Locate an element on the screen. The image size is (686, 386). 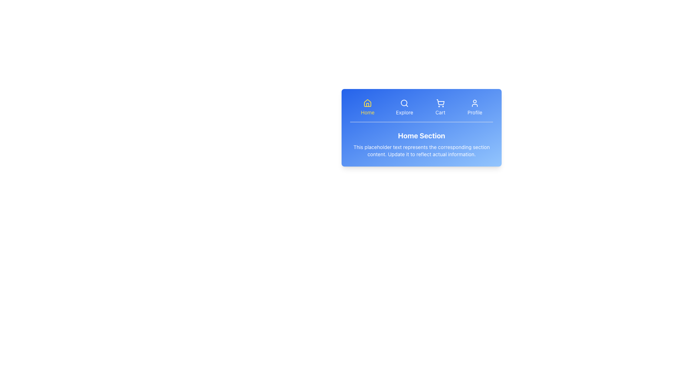
the 'Cart' button which is the third element from the left in the top section of the interface, adjacent to 'Explore' and 'Profile' is located at coordinates (440, 107).